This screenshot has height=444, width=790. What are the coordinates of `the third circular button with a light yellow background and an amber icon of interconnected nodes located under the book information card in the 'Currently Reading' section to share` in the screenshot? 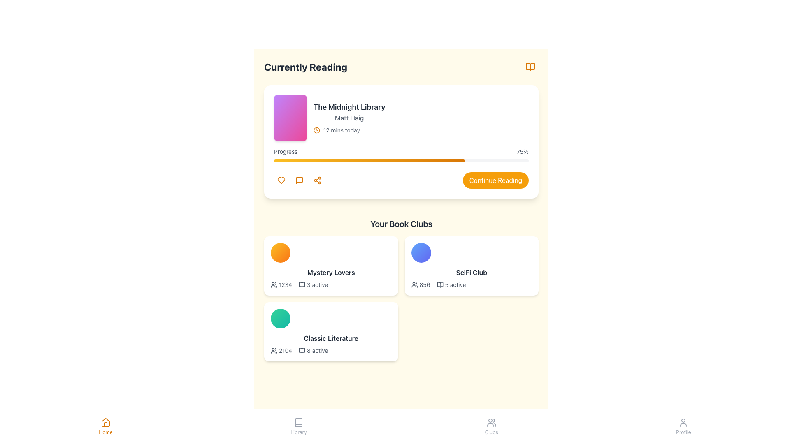 It's located at (317, 180).